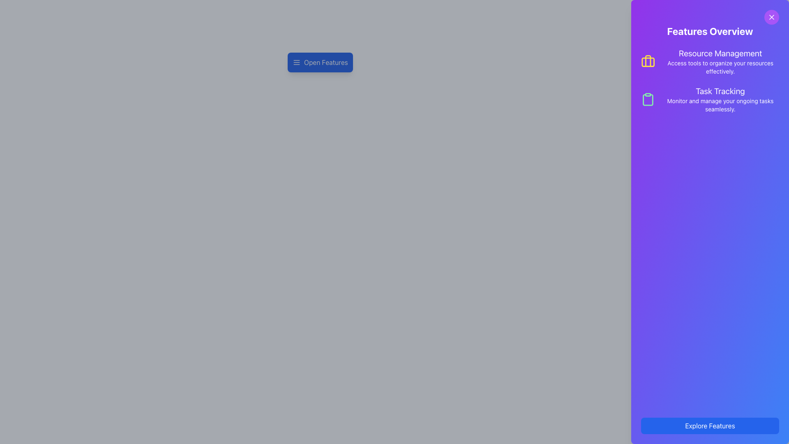  Describe the element at coordinates (720, 91) in the screenshot. I see `the 'Task Tracking' text label located at the top of the right purple sidebar, despite being marked as non-interactive` at that location.